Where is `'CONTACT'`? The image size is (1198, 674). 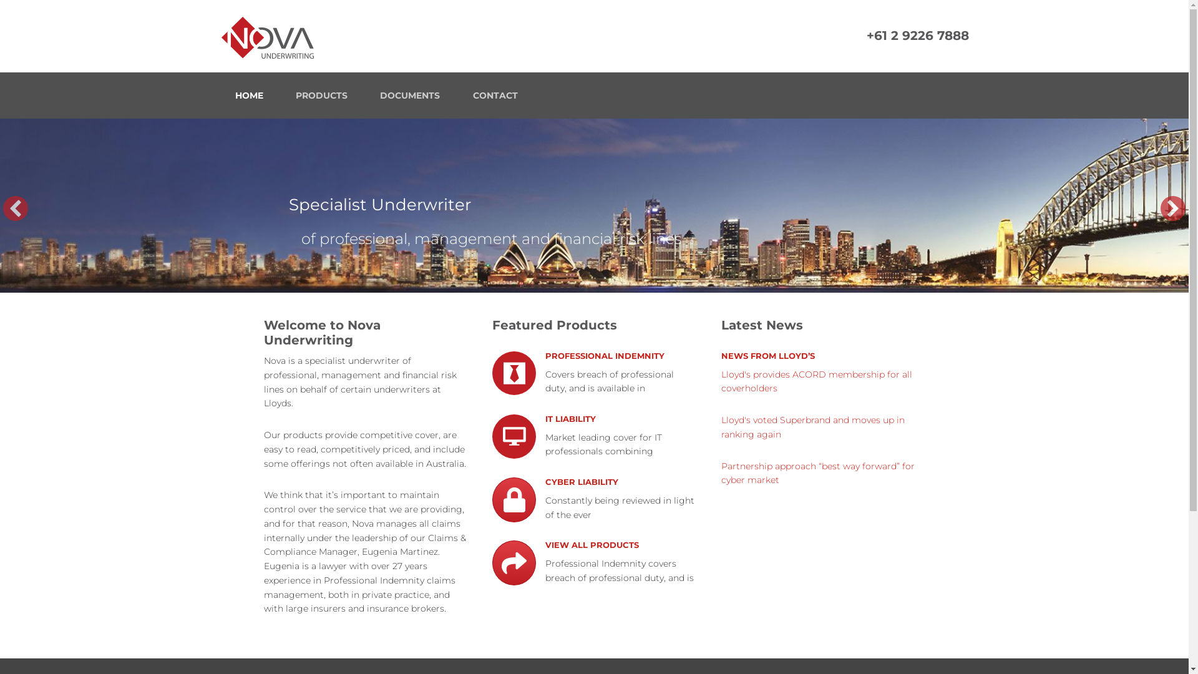 'CONTACT' is located at coordinates (494, 95).